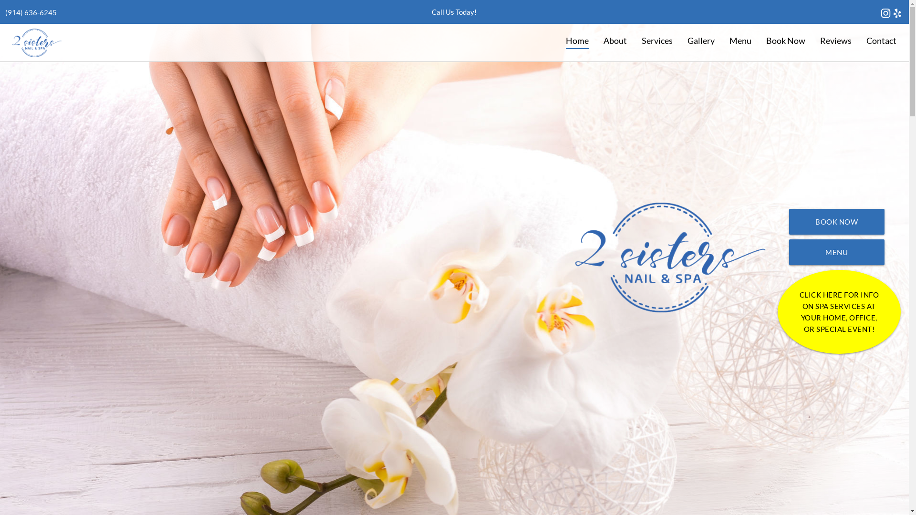  I want to click on 'Reviews', so click(812, 40).